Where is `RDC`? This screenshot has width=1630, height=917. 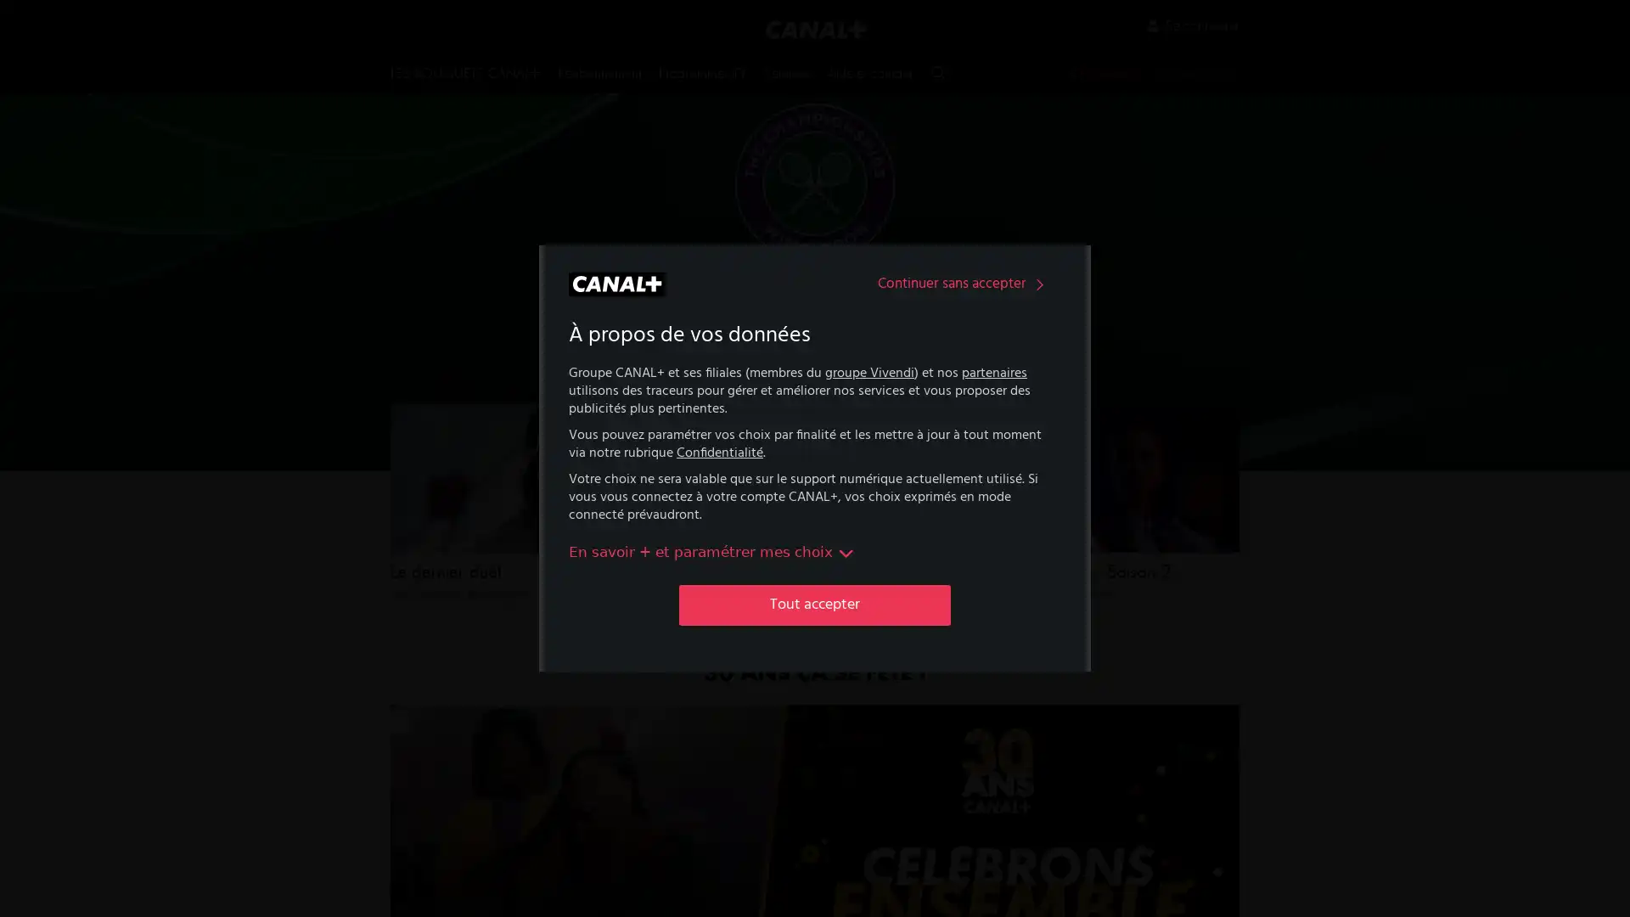 RDC is located at coordinates (976, 390).